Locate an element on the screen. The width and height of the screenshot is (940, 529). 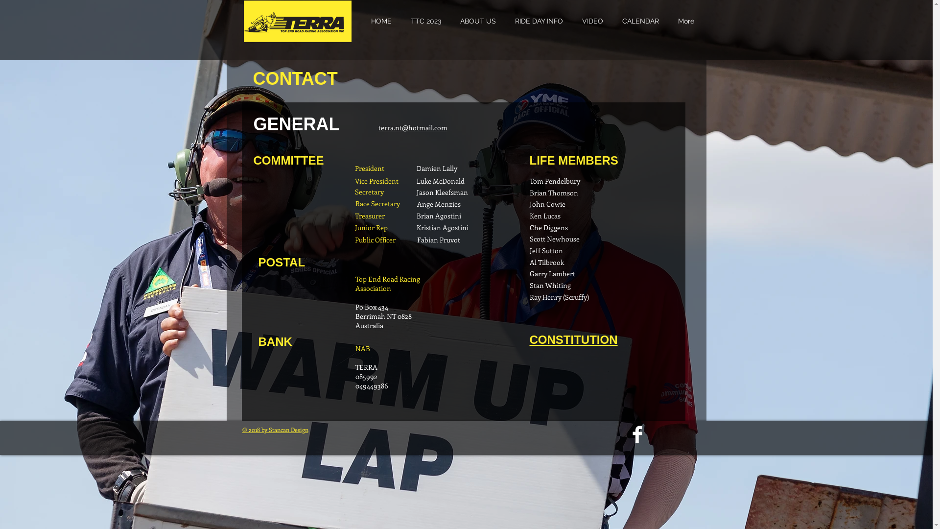
'CONSTITUTION' is located at coordinates (573, 339).